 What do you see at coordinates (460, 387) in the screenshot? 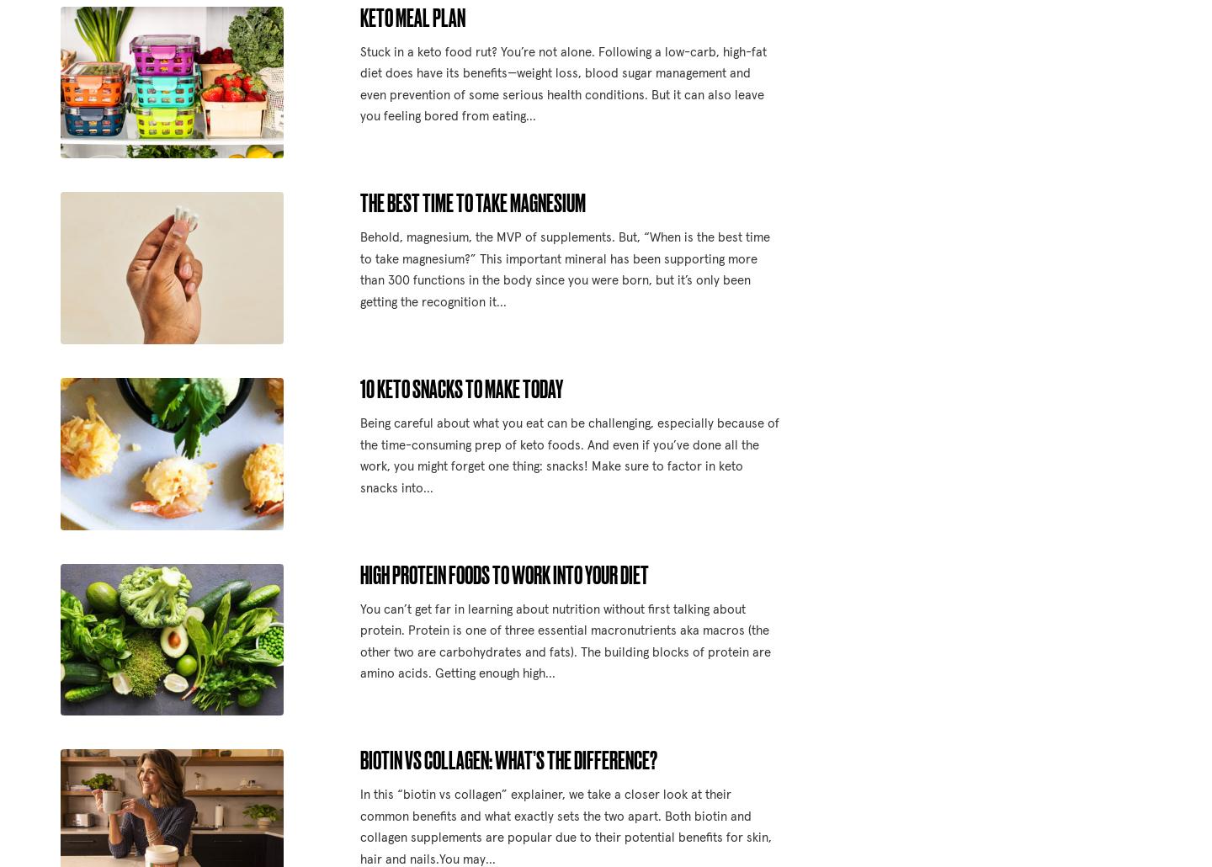
I see `'10 Keto Snacks to Make Today'` at bounding box center [460, 387].